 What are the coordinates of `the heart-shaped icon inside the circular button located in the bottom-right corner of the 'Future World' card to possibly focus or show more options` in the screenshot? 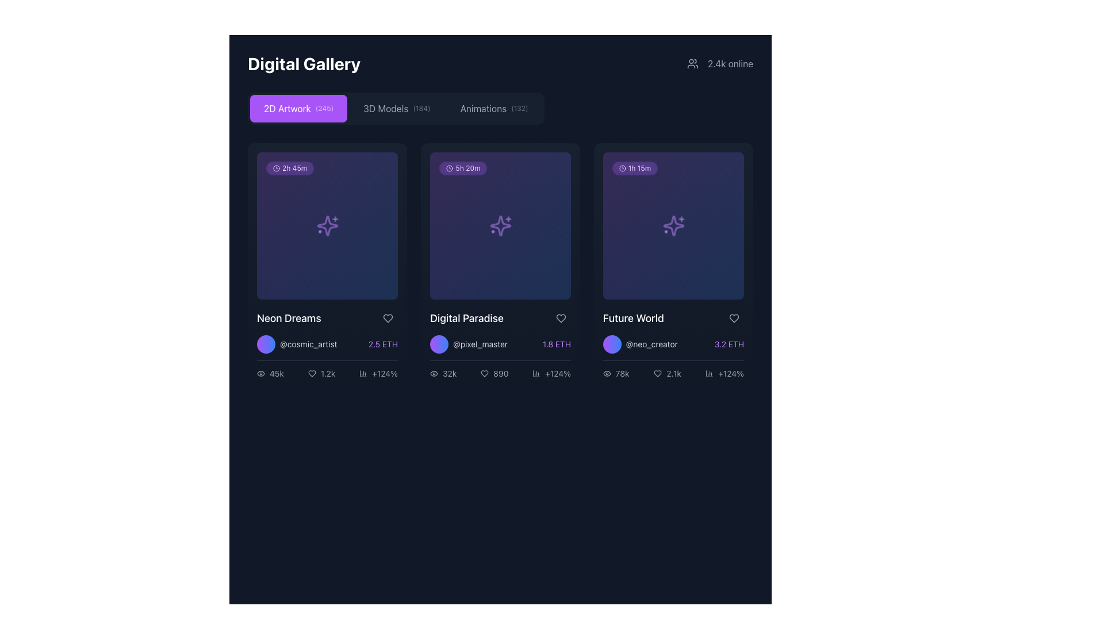 It's located at (733, 319).